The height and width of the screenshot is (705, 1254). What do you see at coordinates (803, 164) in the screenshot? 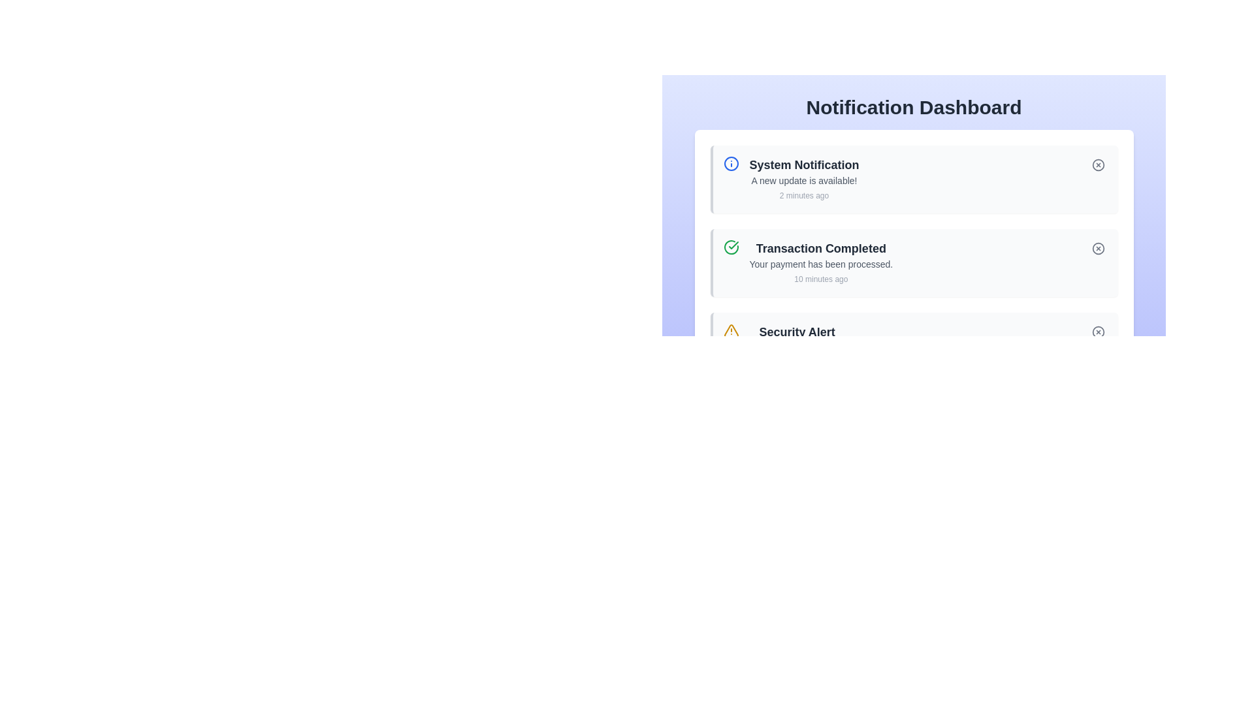
I see `the static text label displaying 'System Notification', which is prominently styled in a larger font size and bold weight, located at the top-left corner of the notification card` at bounding box center [803, 164].